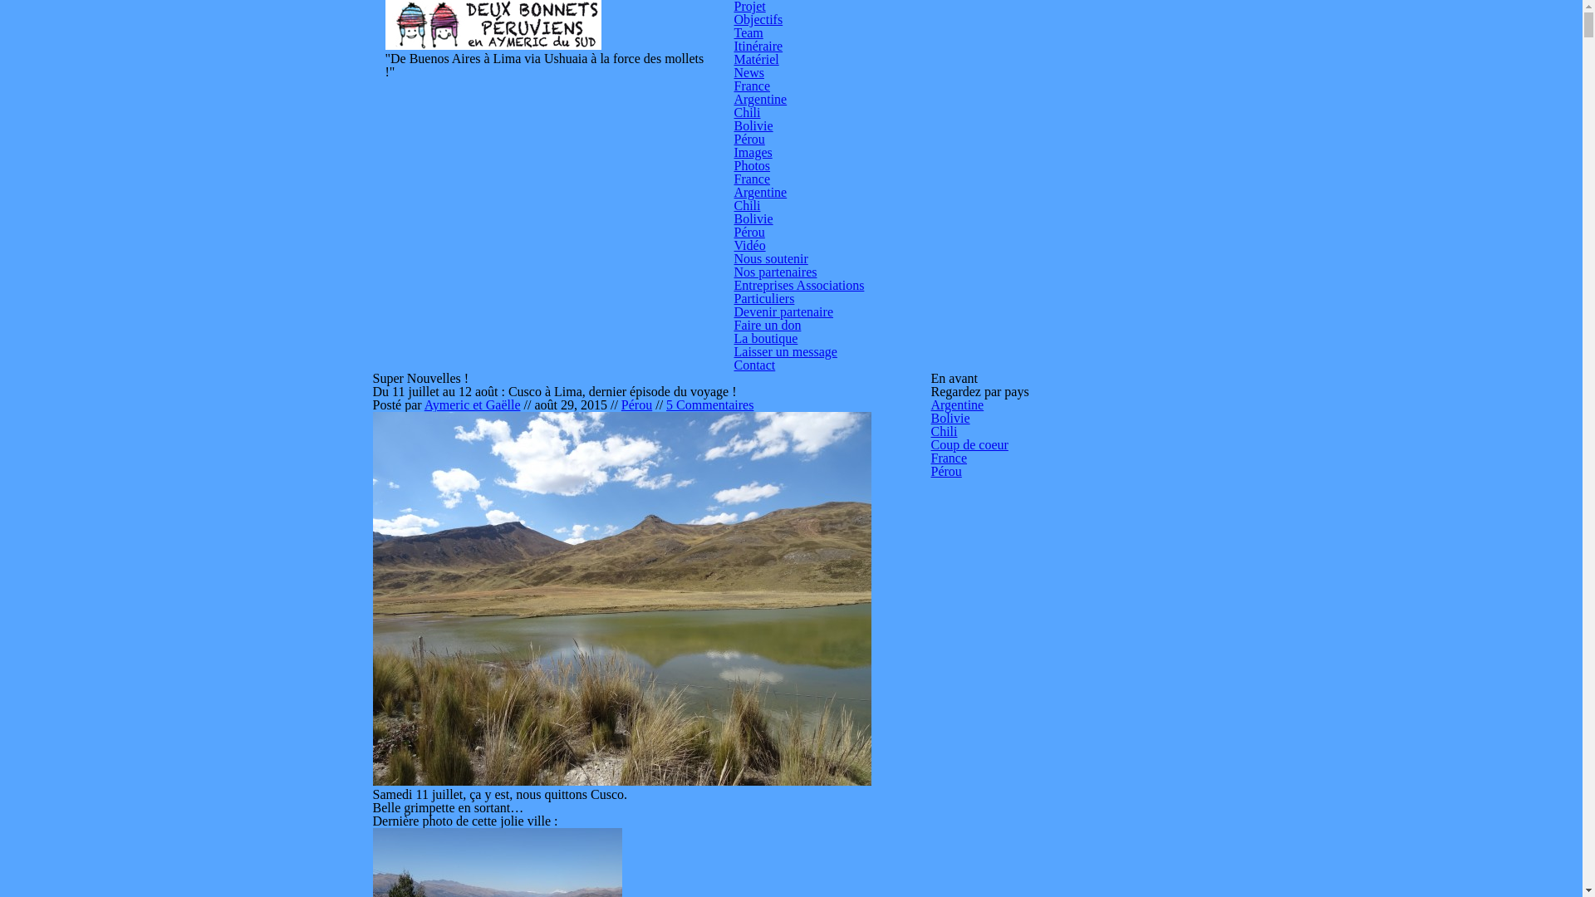  I want to click on 'Entreprises Associations', so click(799, 284).